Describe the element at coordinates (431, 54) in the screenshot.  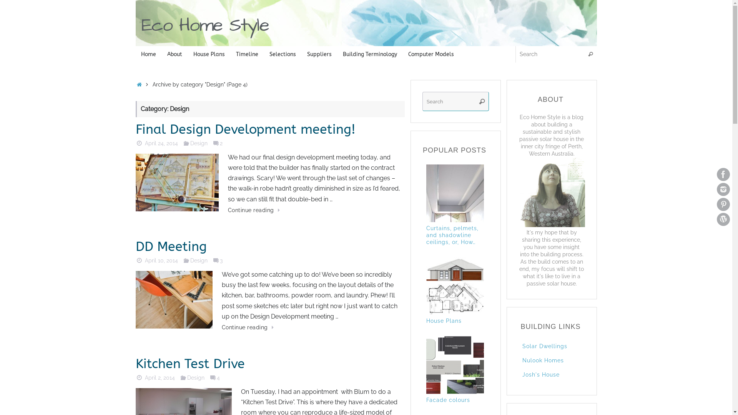
I see `'Computer Models'` at that location.